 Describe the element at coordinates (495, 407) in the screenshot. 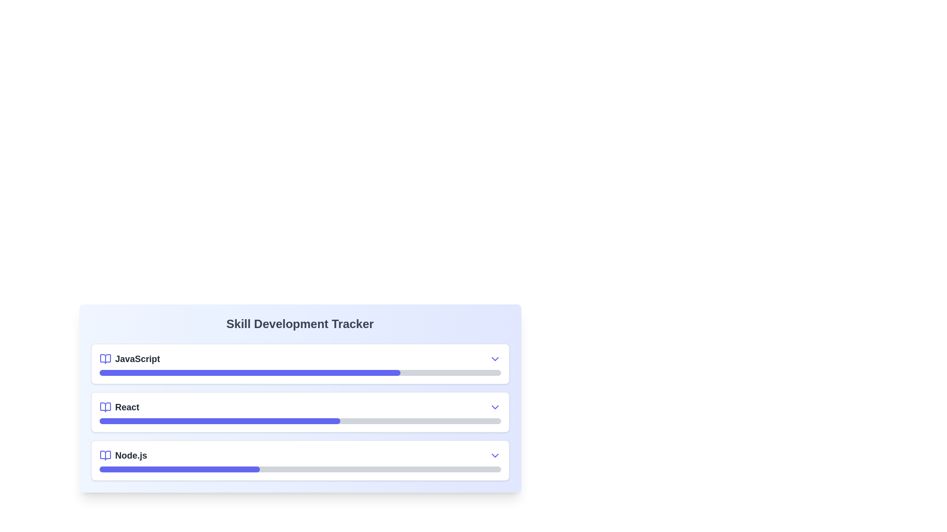

I see `the downward-pointing chevron icon next to the 'React' label in the progress tracker` at that location.